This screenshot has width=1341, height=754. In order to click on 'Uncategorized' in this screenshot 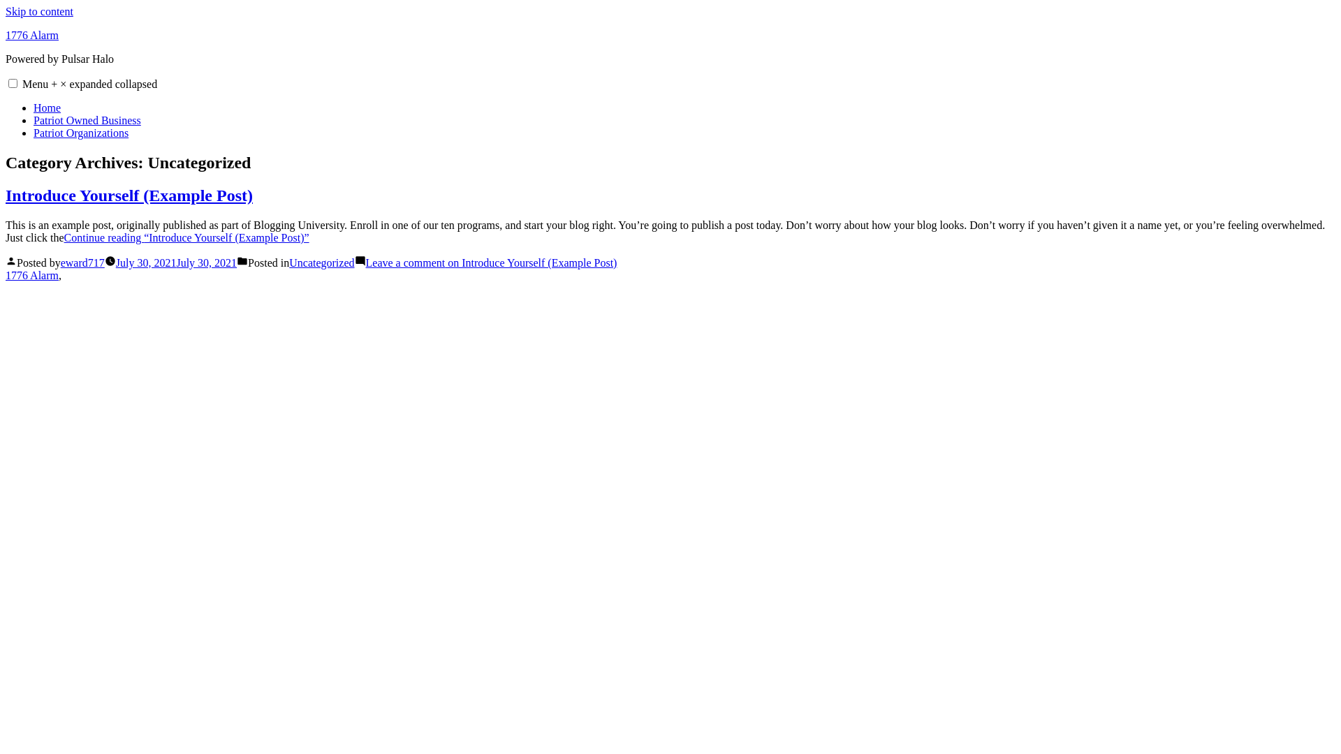, I will do `click(321, 263)`.